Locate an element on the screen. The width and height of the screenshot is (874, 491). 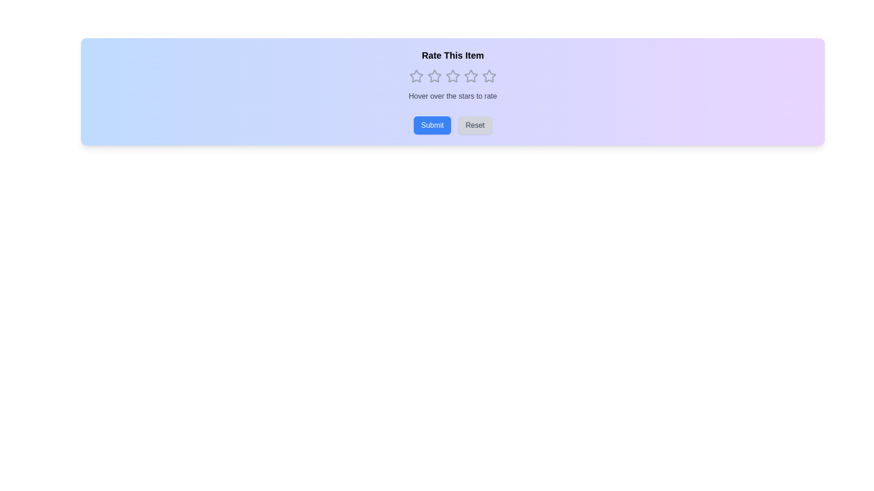
the text label that serves as a heading for the rating interface, positioned above the row of 5 star icons is located at coordinates (452, 55).